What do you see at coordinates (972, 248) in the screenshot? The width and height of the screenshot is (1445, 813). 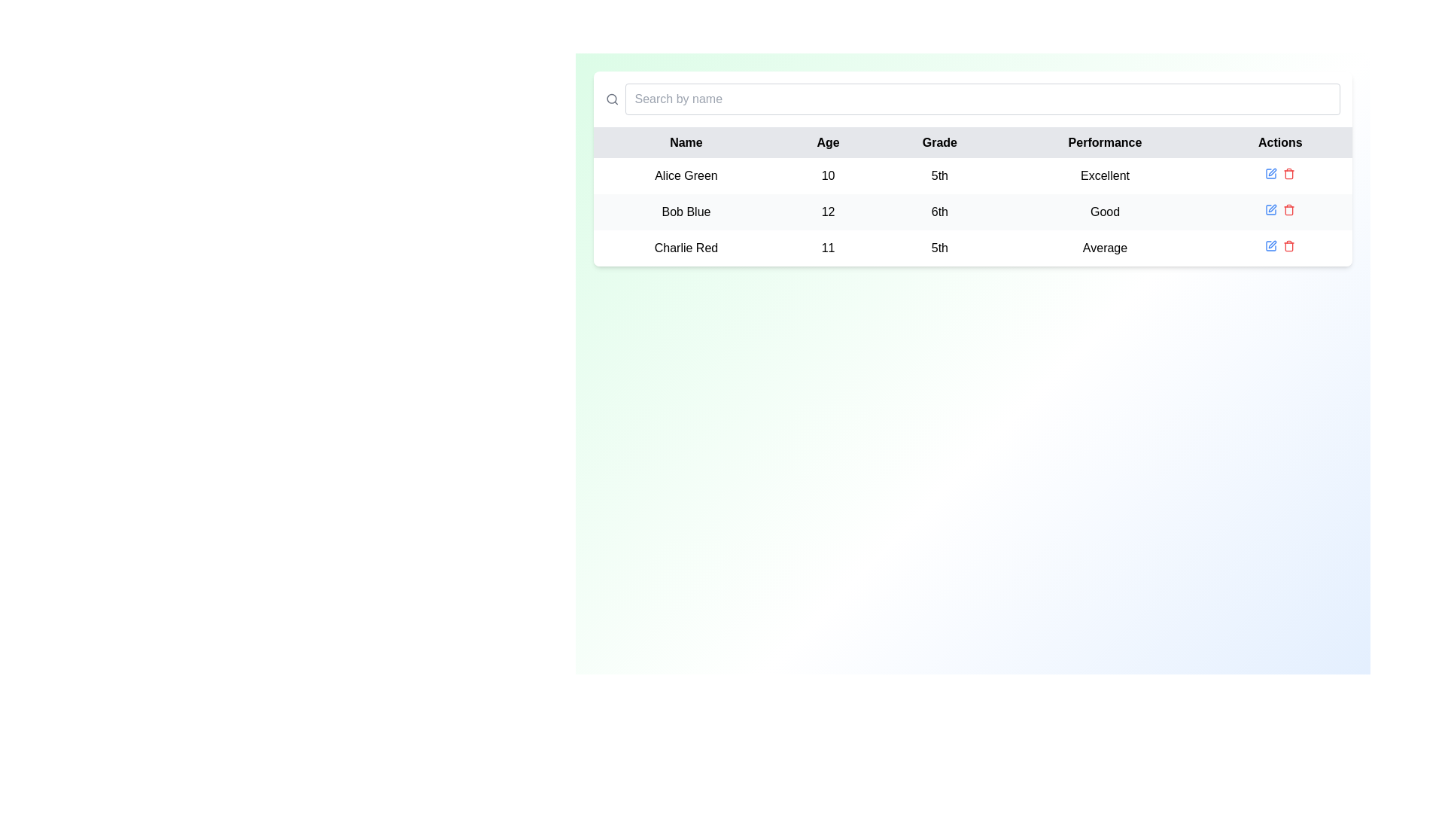 I see `the third row` at bounding box center [972, 248].